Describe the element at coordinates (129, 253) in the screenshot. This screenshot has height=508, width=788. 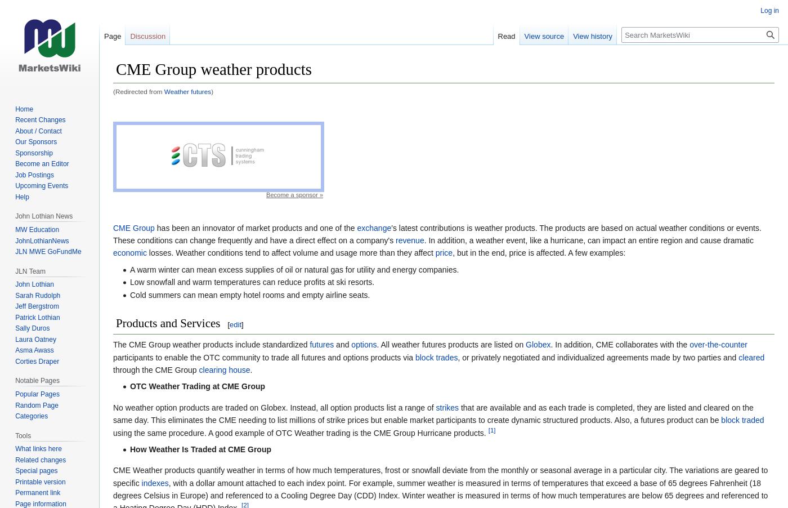
I see `'economic'` at that location.